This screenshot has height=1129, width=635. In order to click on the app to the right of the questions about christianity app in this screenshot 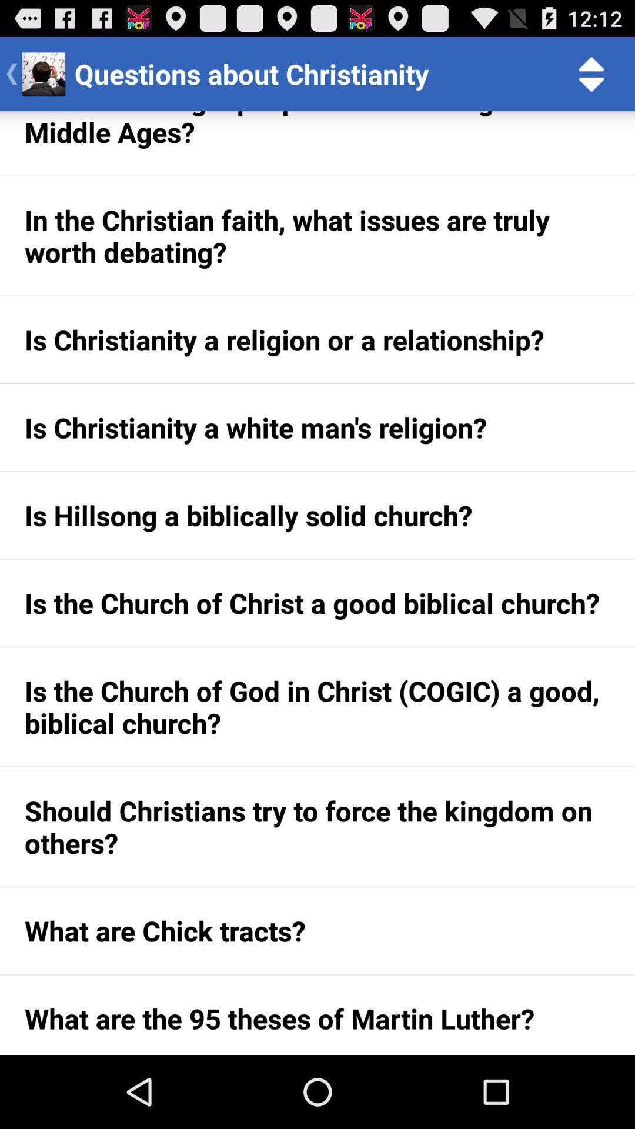, I will do `click(591, 73)`.